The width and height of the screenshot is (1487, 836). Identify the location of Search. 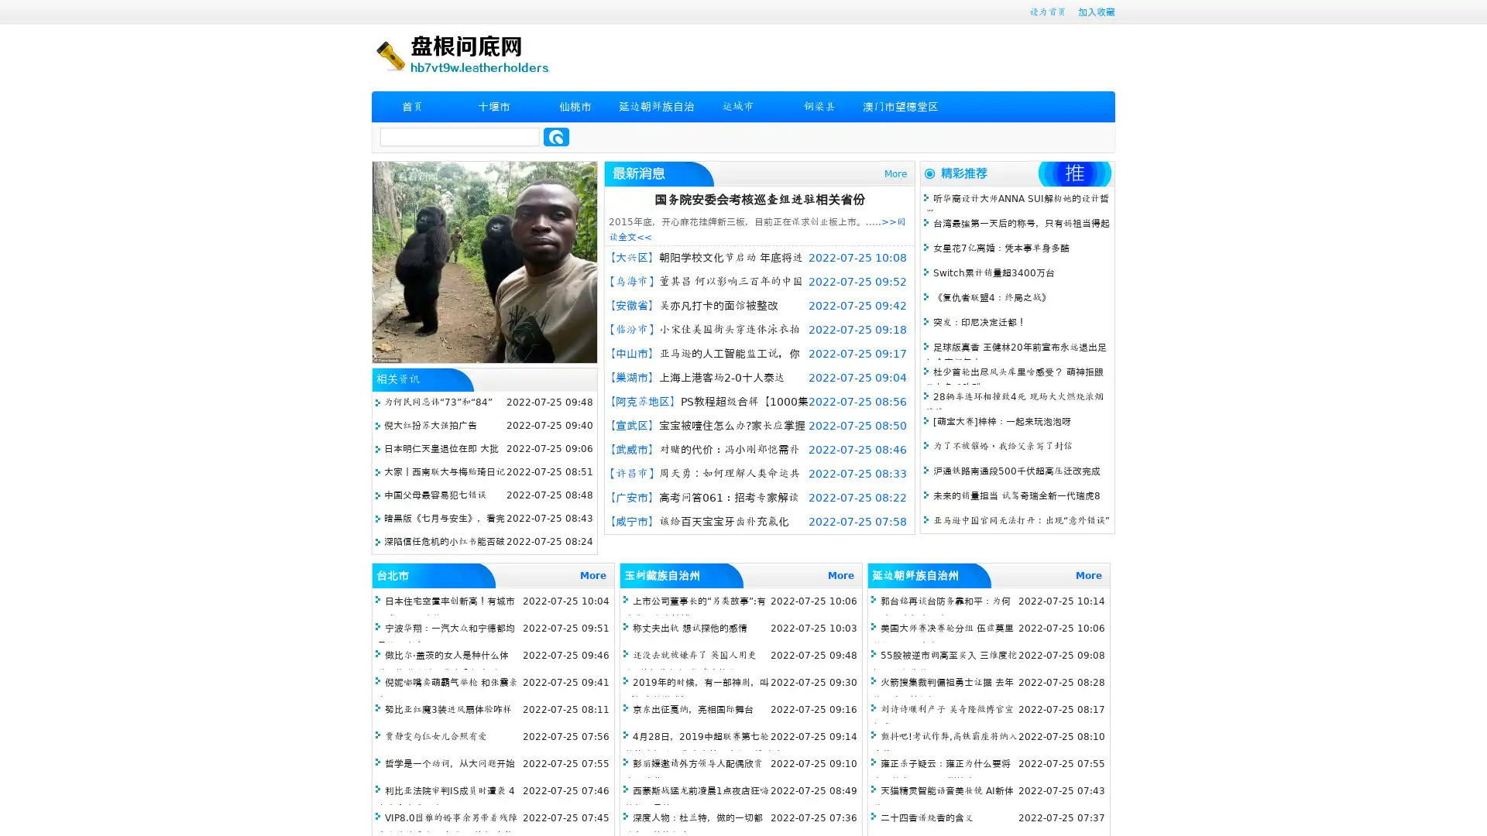
(556, 136).